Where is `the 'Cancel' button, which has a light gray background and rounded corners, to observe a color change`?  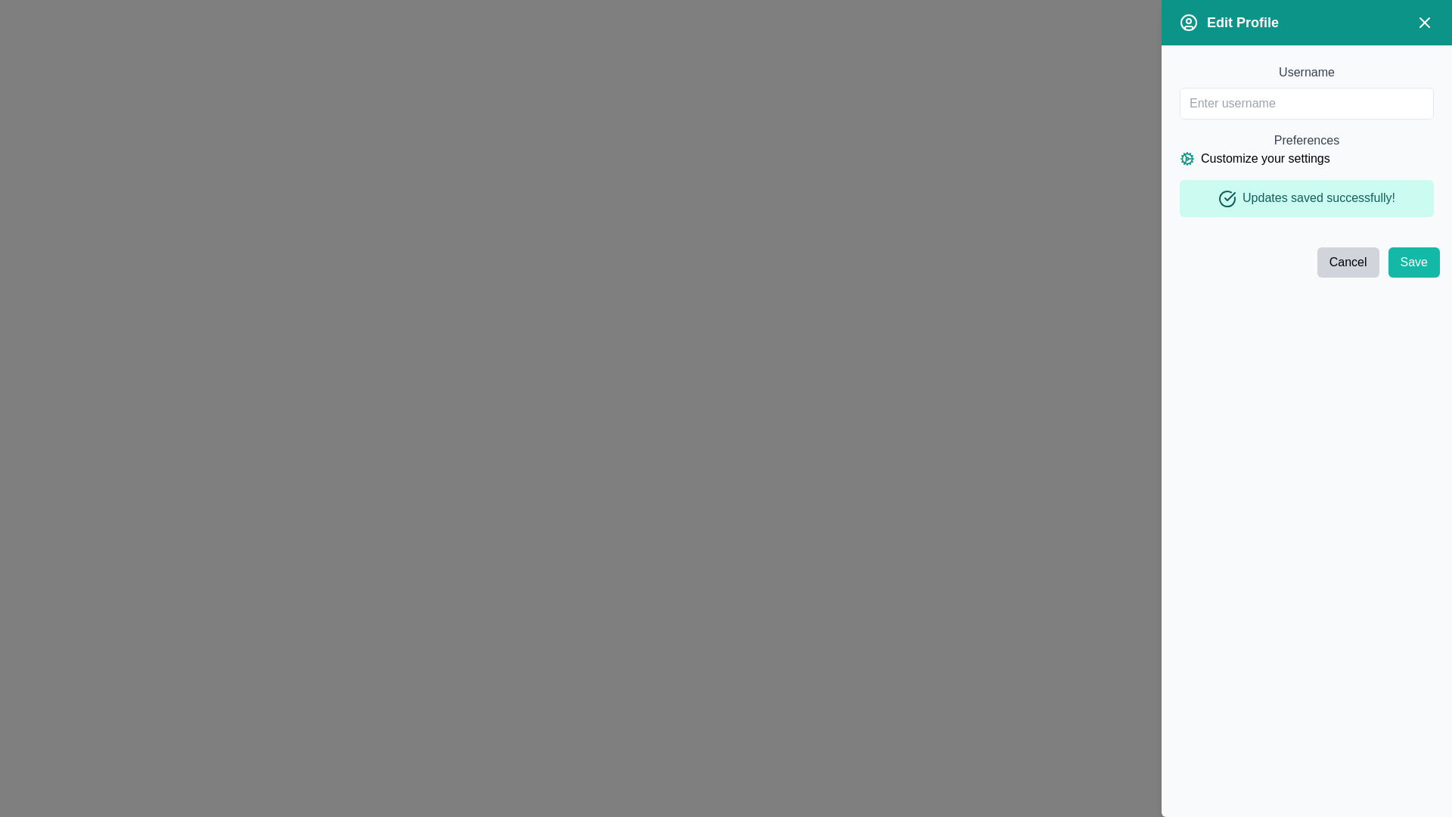 the 'Cancel' button, which has a light gray background and rounded corners, to observe a color change is located at coordinates (1348, 261).